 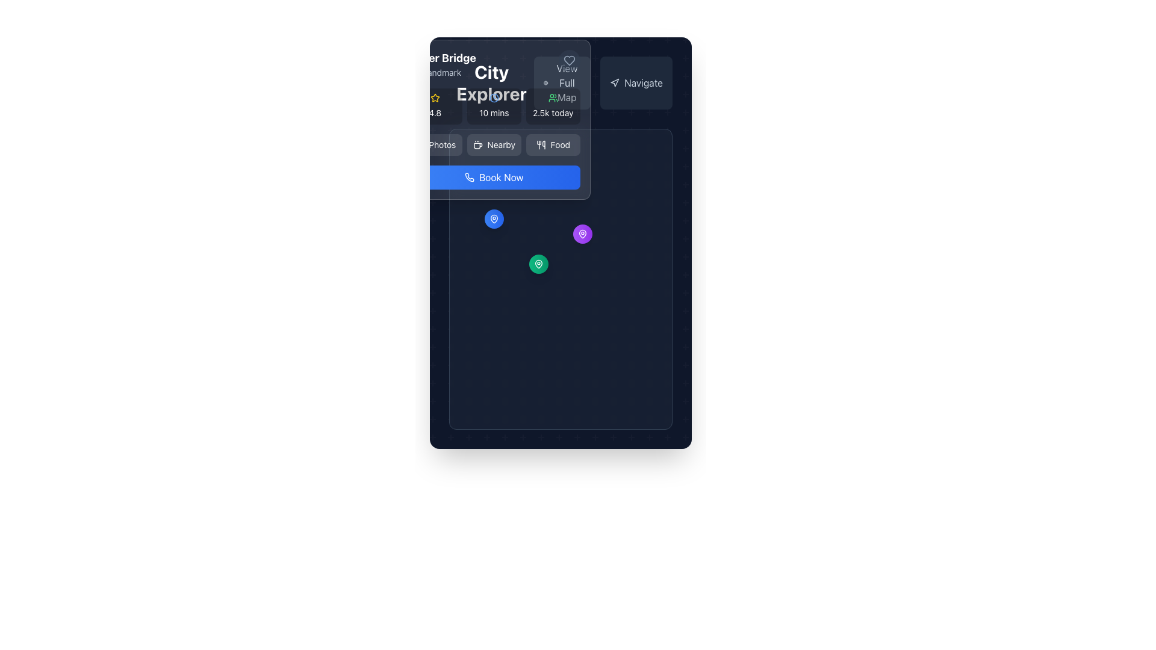 I want to click on the Location marker icon, which is a circular icon with a green gradient background, located on a dark grid among other markers, so click(x=538, y=264).